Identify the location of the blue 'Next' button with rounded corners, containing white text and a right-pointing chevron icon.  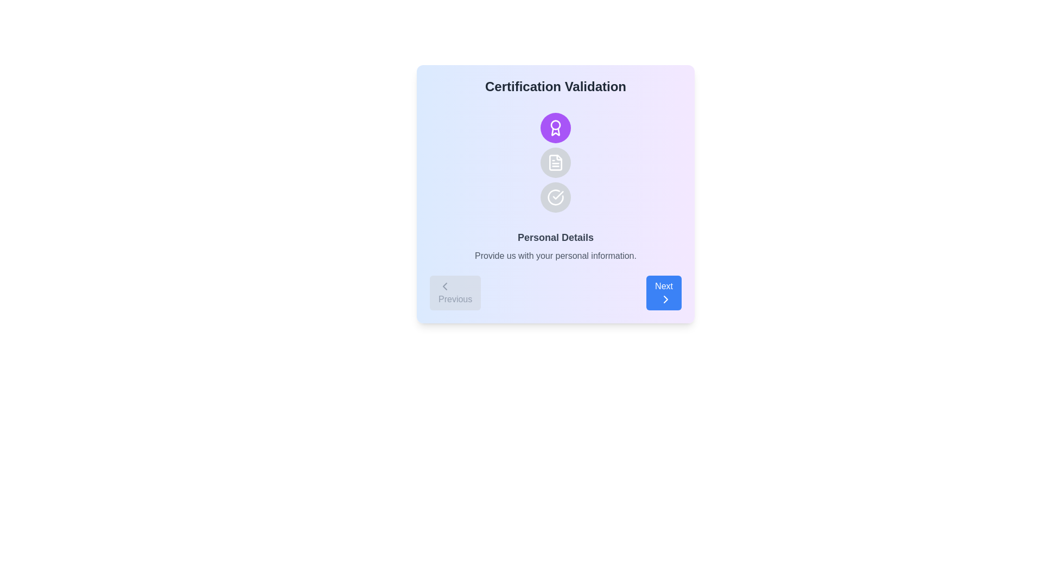
(663, 293).